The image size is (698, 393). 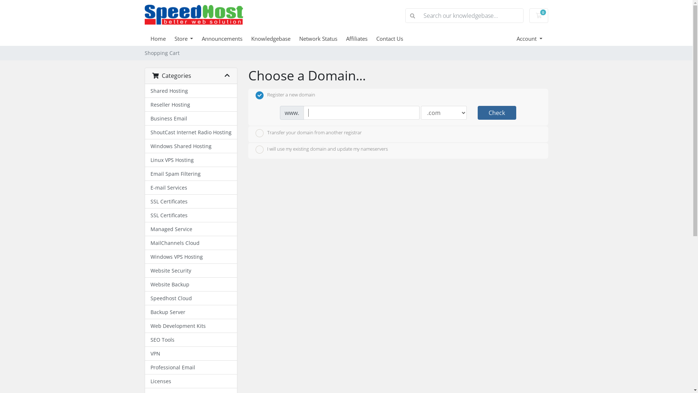 I want to click on 'Home', so click(x=150, y=38).